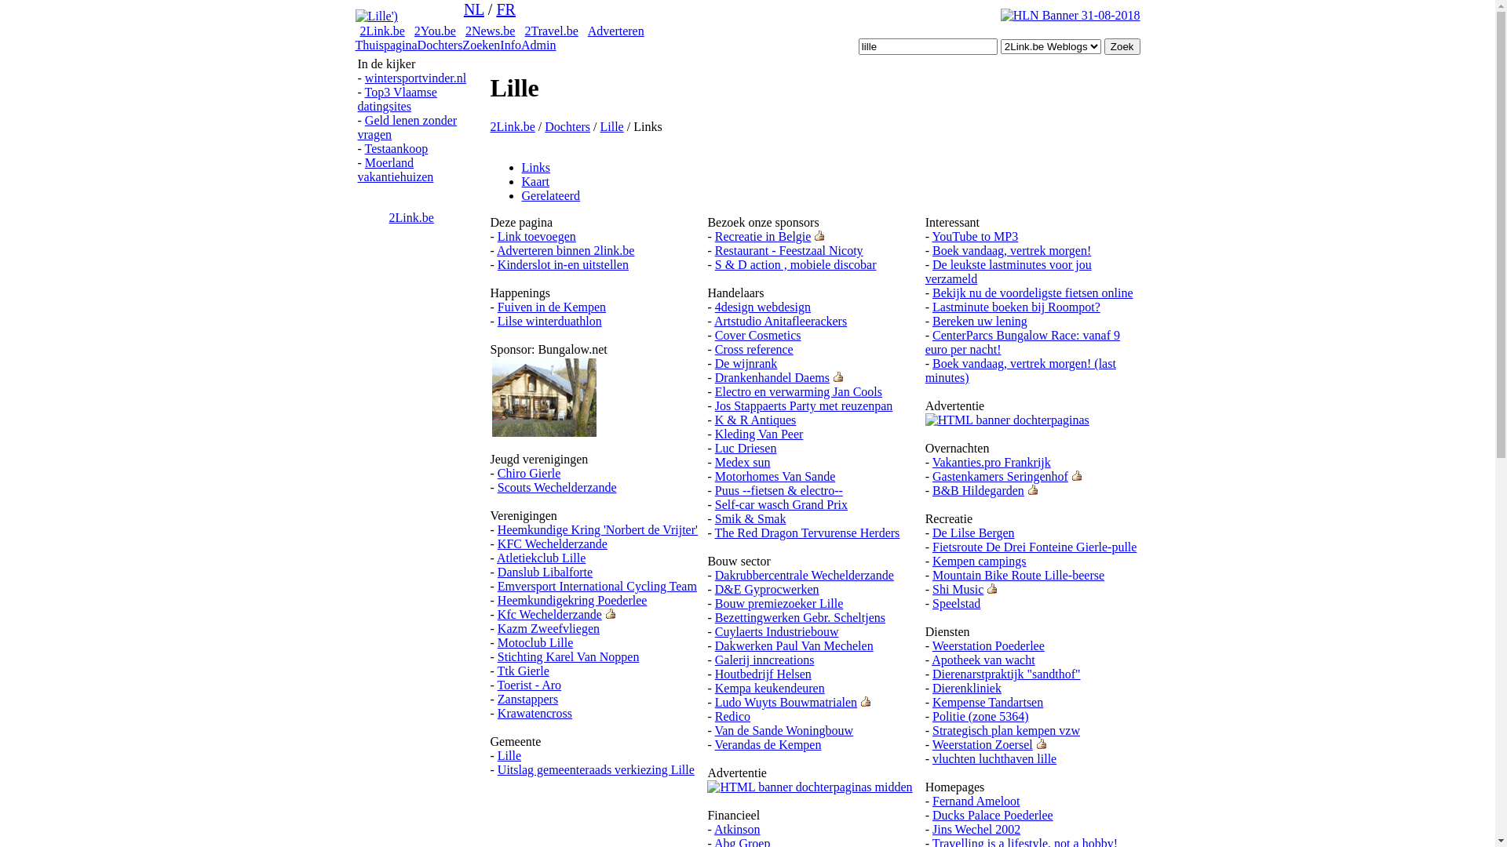 This screenshot has width=1507, height=847. What do you see at coordinates (759, 434) in the screenshot?
I see `'Kleding Van Peer'` at bounding box center [759, 434].